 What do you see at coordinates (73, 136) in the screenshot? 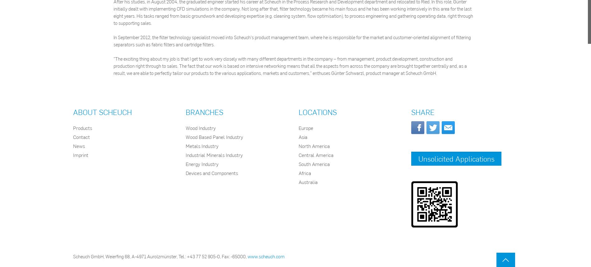
I see `'Contact'` at bounding box center [73, 136].